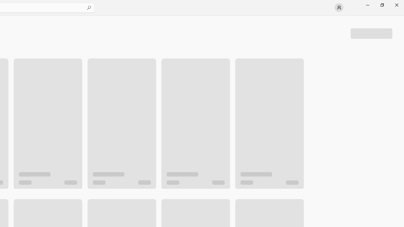 Image resolution: width=404 pixels, height=227 pixels. I want to click on 'Filters', so click(371, 33).